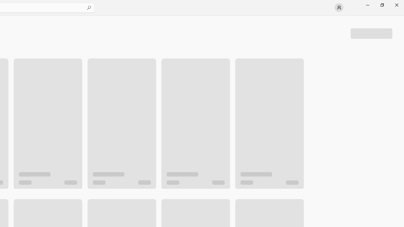 Image resolution: width=404 pixels, height=227 pixels. I want to click on 'Filters', so click(371, 33).